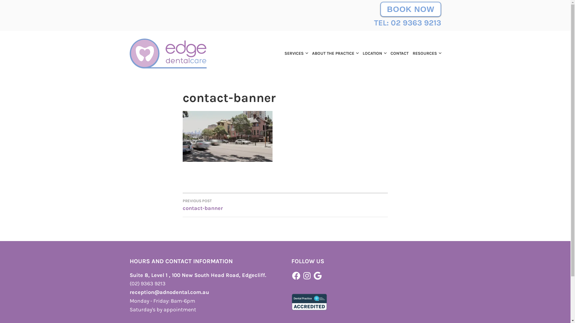 Image resolution: width=575 pixels, height=323 pixels. Describe the element at coordinates (388, 53) in the screenshot. I see `'CONTACT'` at that location.